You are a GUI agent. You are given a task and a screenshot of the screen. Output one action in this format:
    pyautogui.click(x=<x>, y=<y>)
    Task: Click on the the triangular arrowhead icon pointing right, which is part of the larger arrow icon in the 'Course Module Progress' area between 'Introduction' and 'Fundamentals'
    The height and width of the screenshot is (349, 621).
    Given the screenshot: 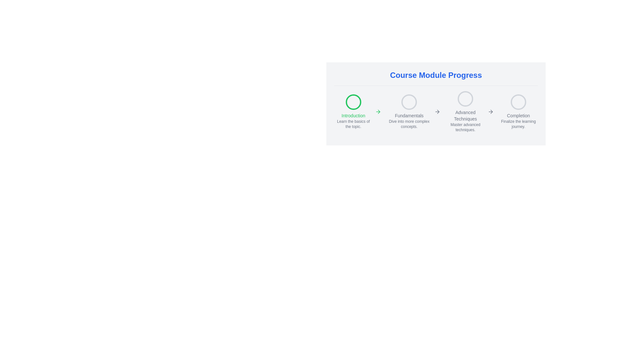 What is the action you would take?
    pyautogui.click(x=438, y=111)
    